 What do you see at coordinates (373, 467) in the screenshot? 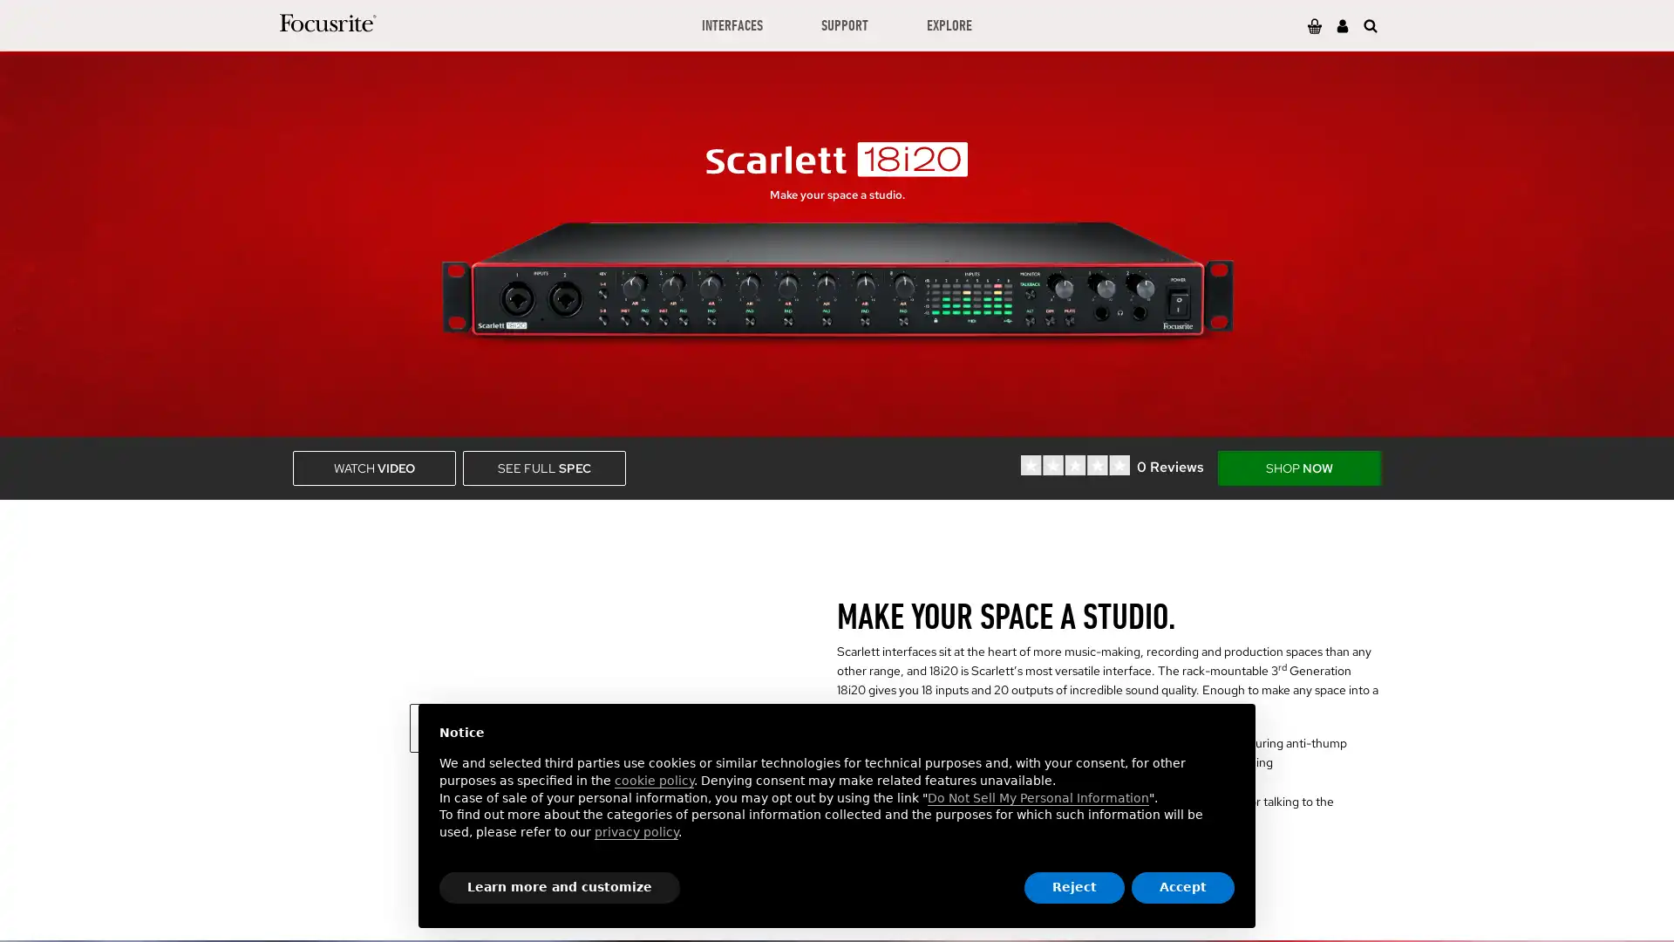
I see `WATCH VIDEO` at bounding box center [373, 467].